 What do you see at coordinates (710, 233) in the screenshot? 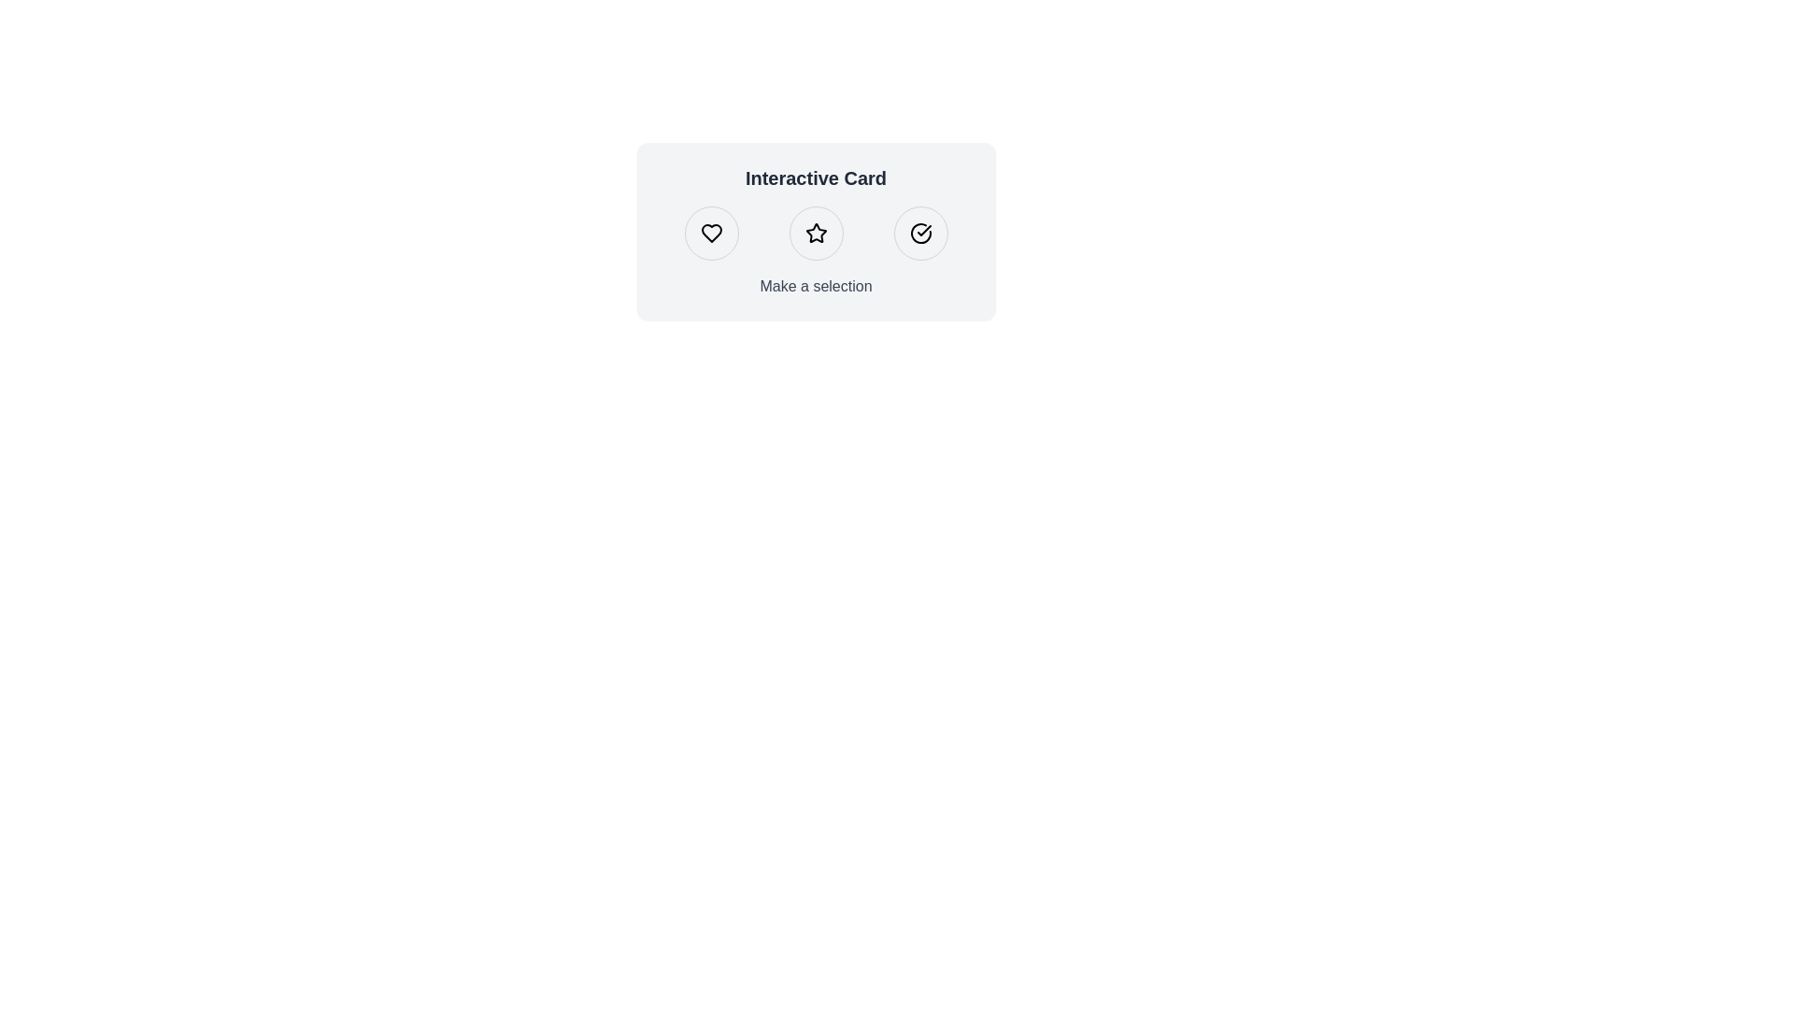
I see `the black outlined heart icon located within the 'Interactive Card' section` at bounding box center [710, 233].